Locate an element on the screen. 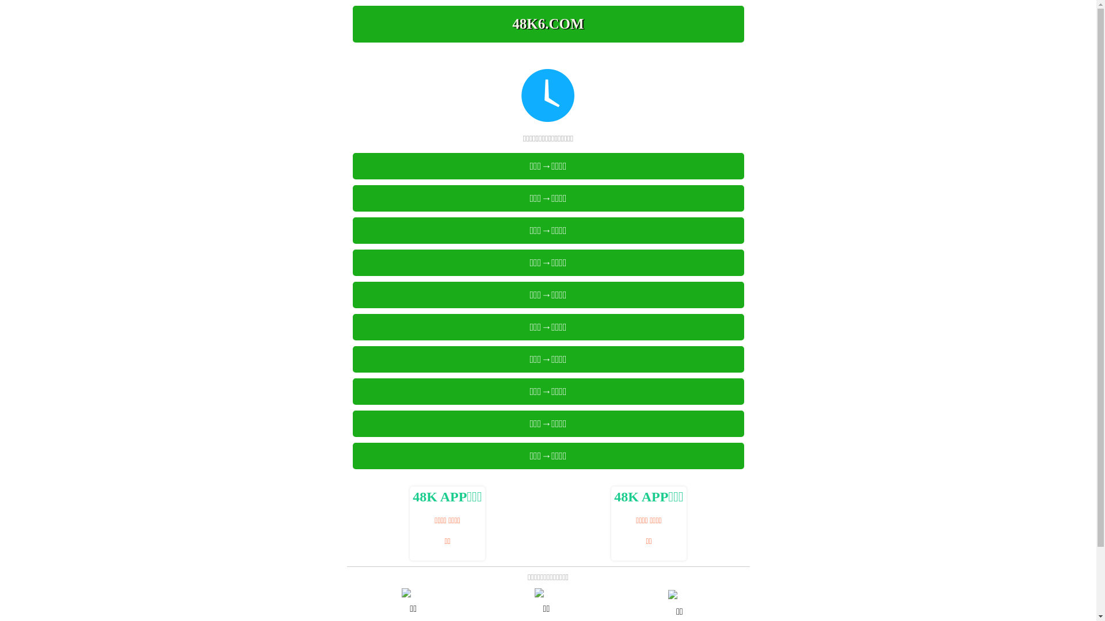  '48K6.COM' is located at coordinates (547, 24).